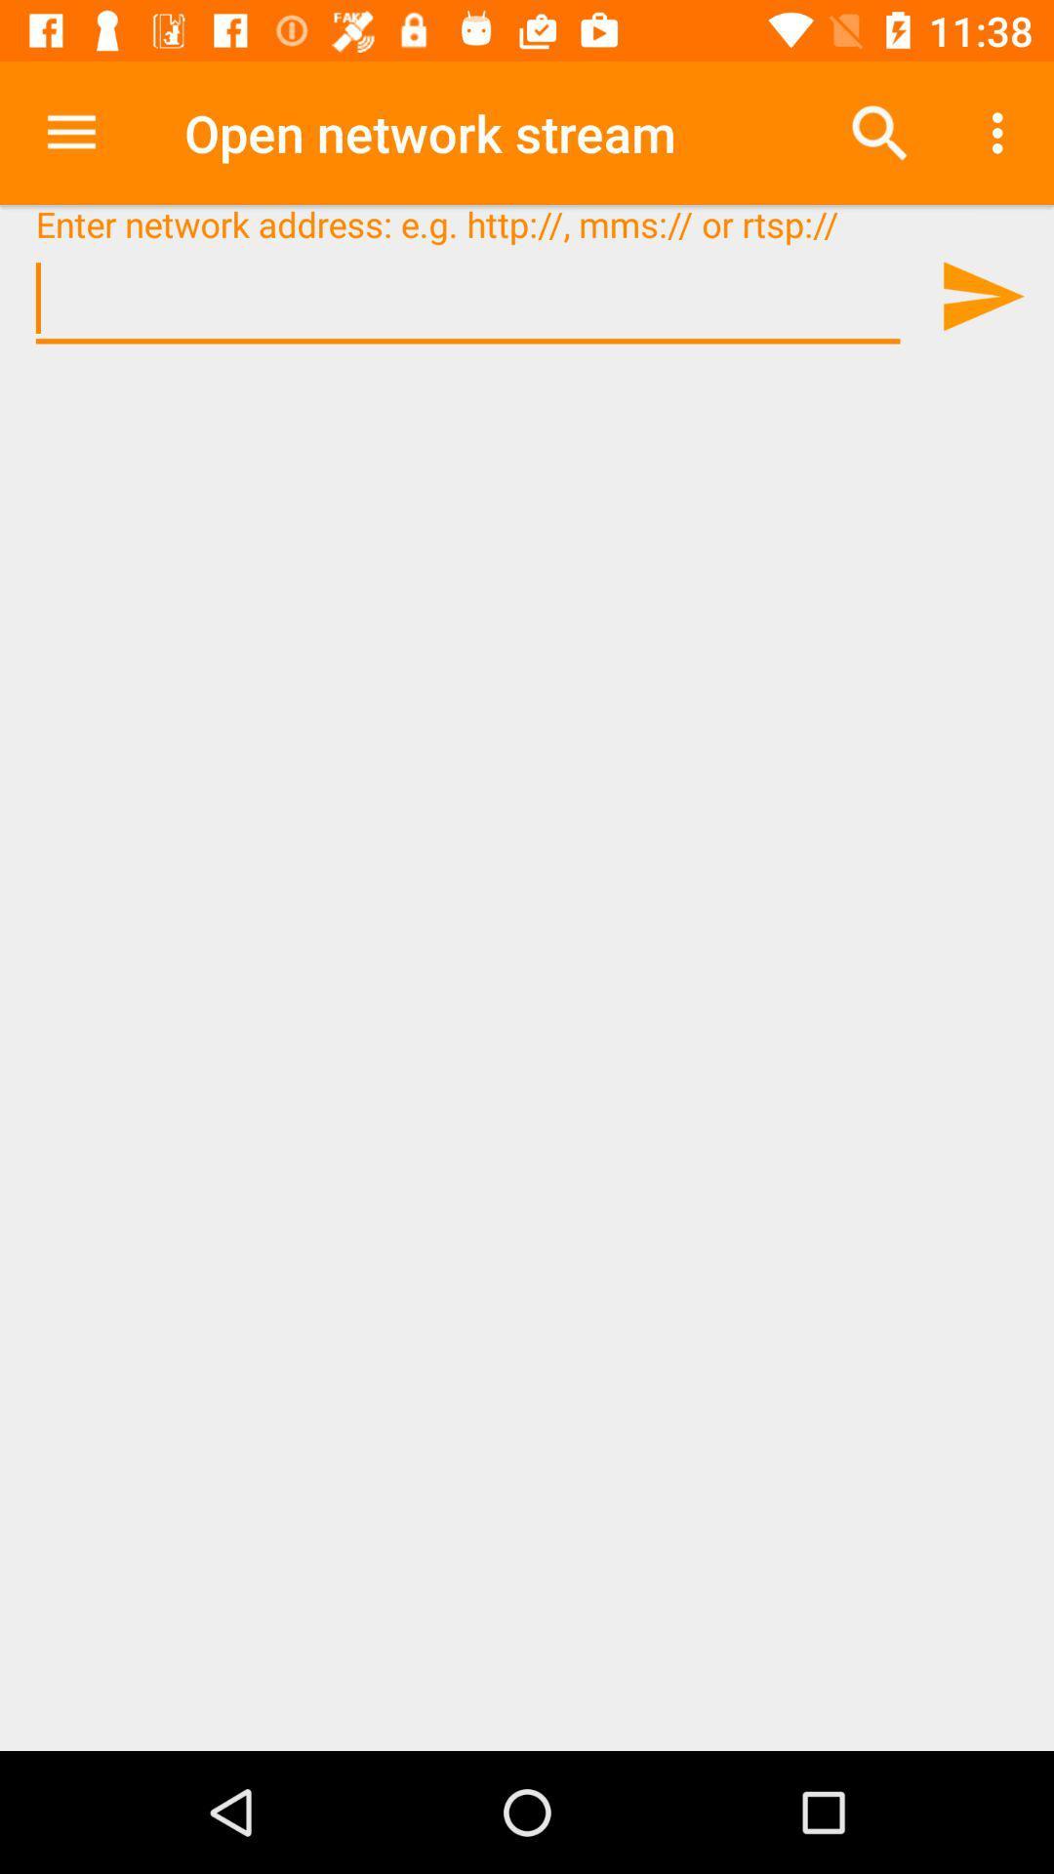  Describe the element at coordinates (467, 298) in the screenshot. I see `text` at that location.